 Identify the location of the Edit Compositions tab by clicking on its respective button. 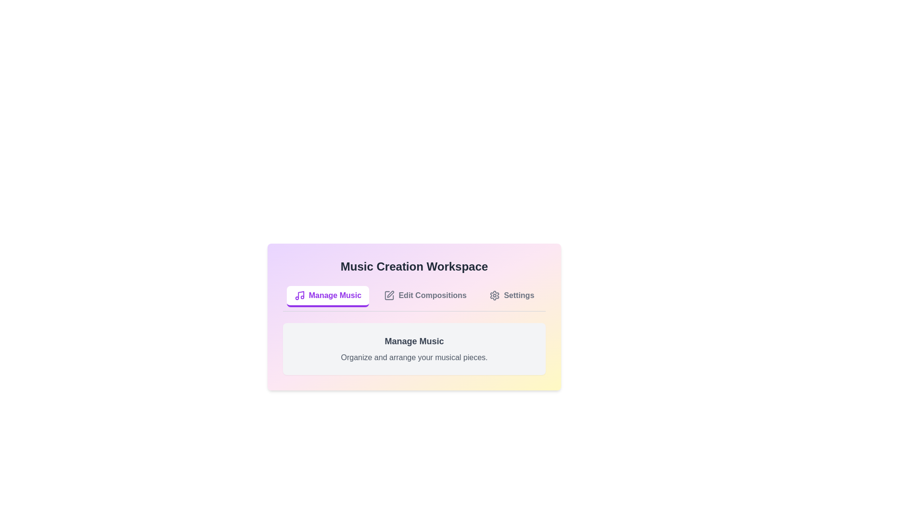
(424, 296).